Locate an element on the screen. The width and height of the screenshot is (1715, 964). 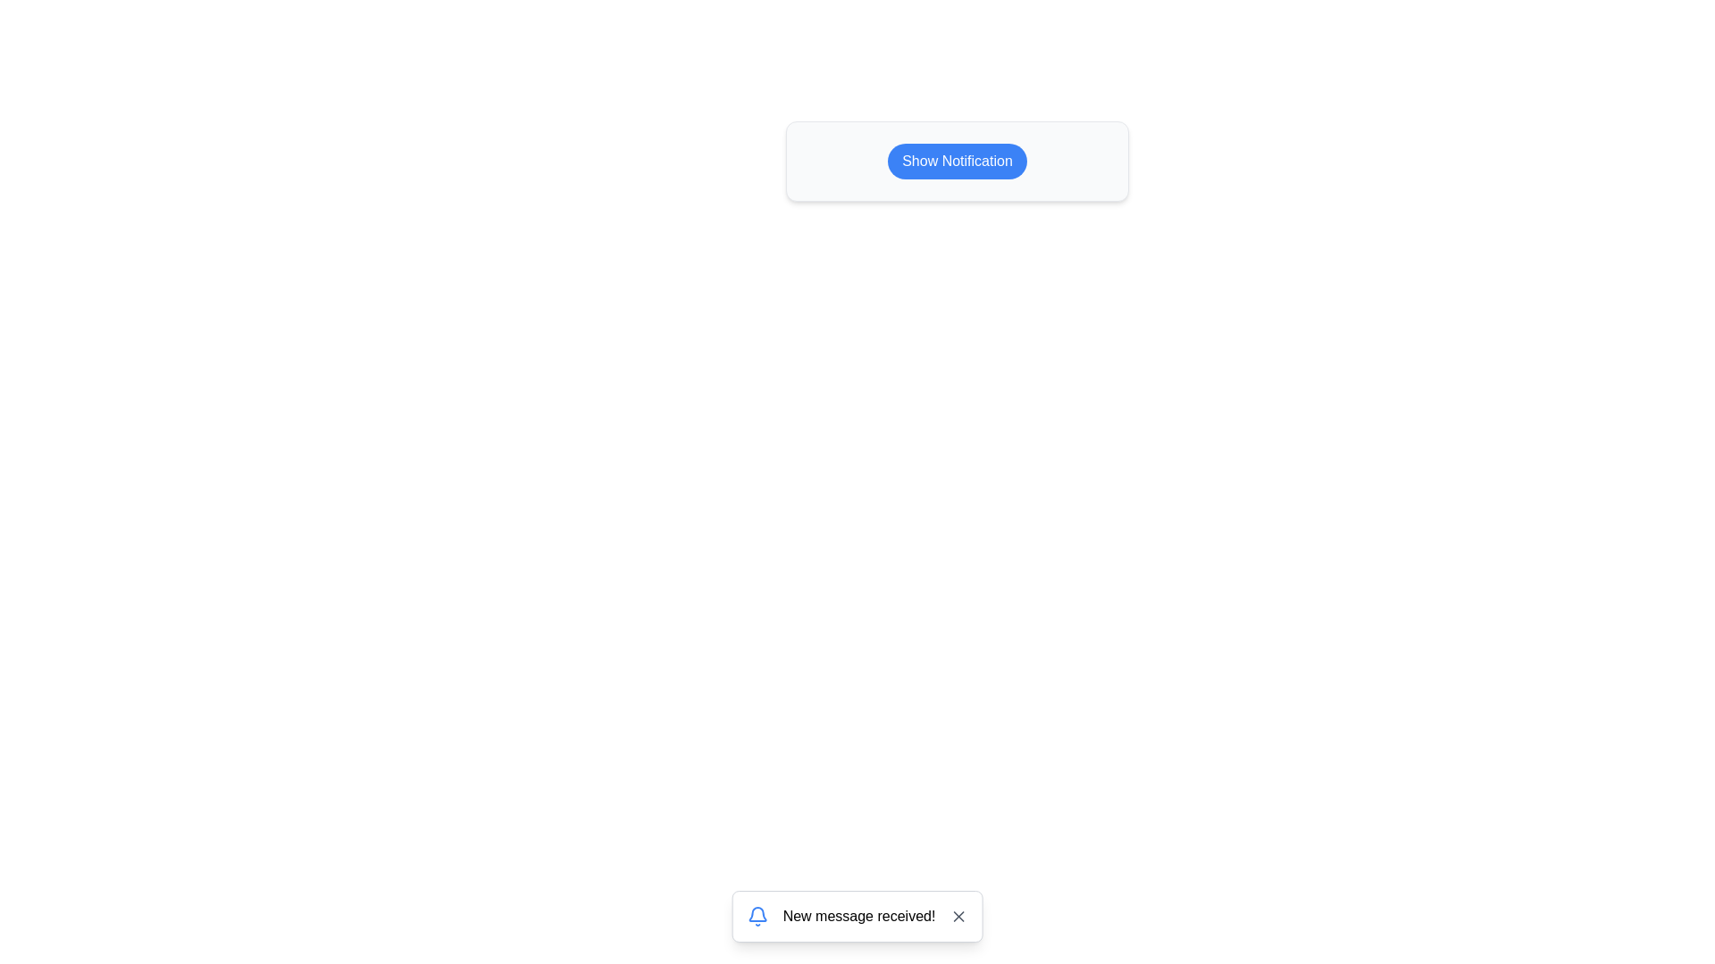
the 'Show Notification' button to trigger the notification display is located at coordinates (956, 162).